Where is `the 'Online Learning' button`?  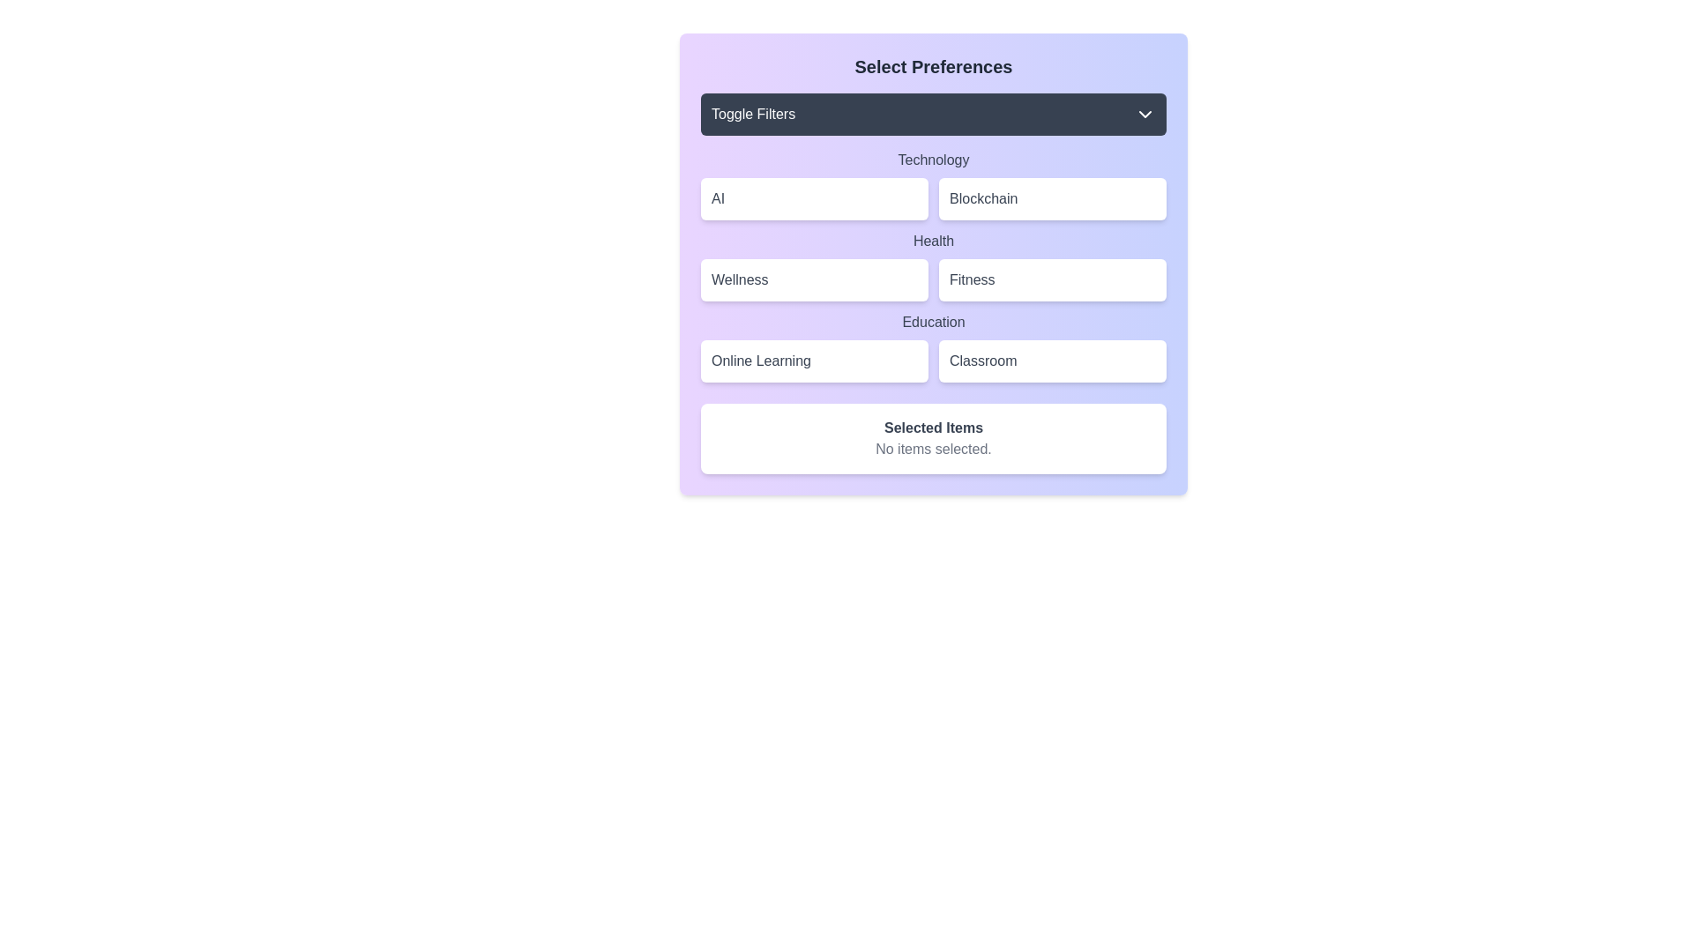 the 'Online Learning' button is located at coordinates (814, 360).